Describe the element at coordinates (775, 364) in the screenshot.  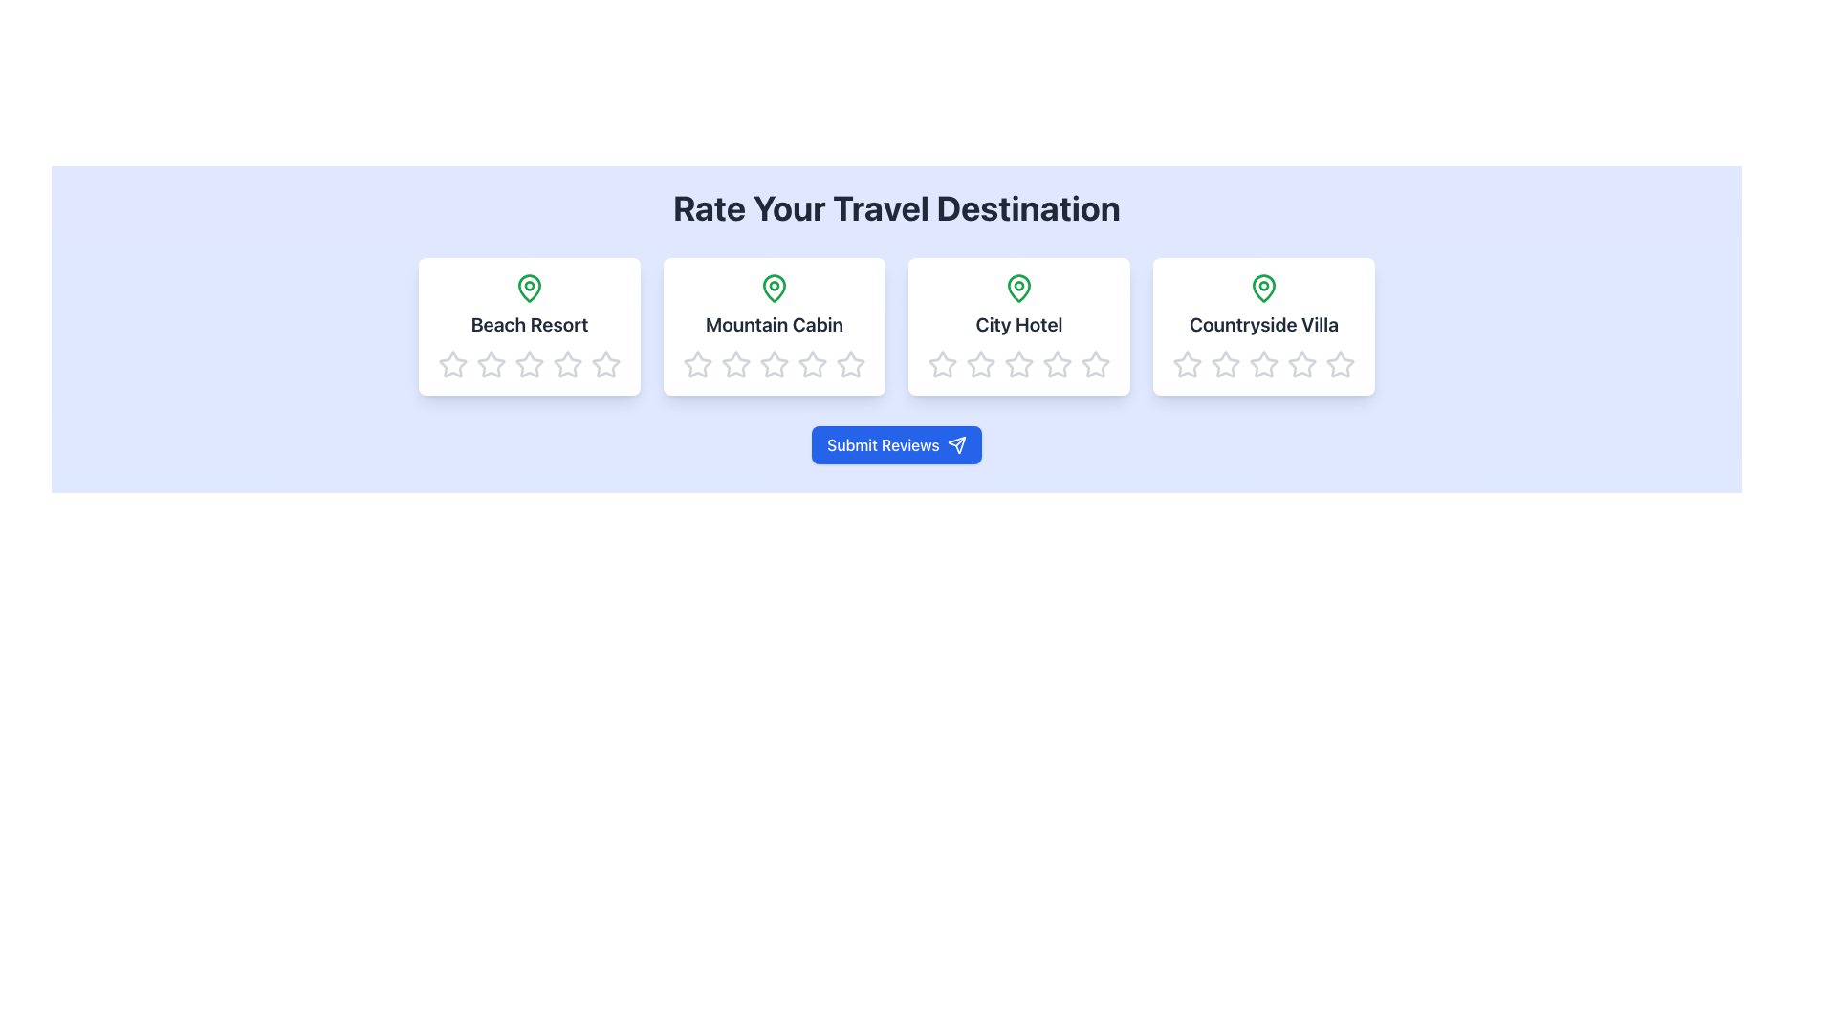
I see `the second star icon in the rating section of the 'Mountain Cabin' card` at that location.